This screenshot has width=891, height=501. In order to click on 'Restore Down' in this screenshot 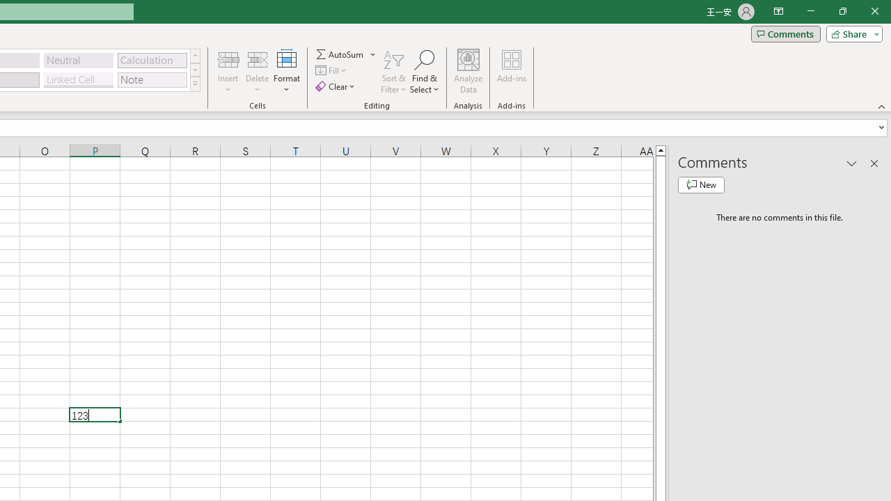, I will do `click(842, 11)`.